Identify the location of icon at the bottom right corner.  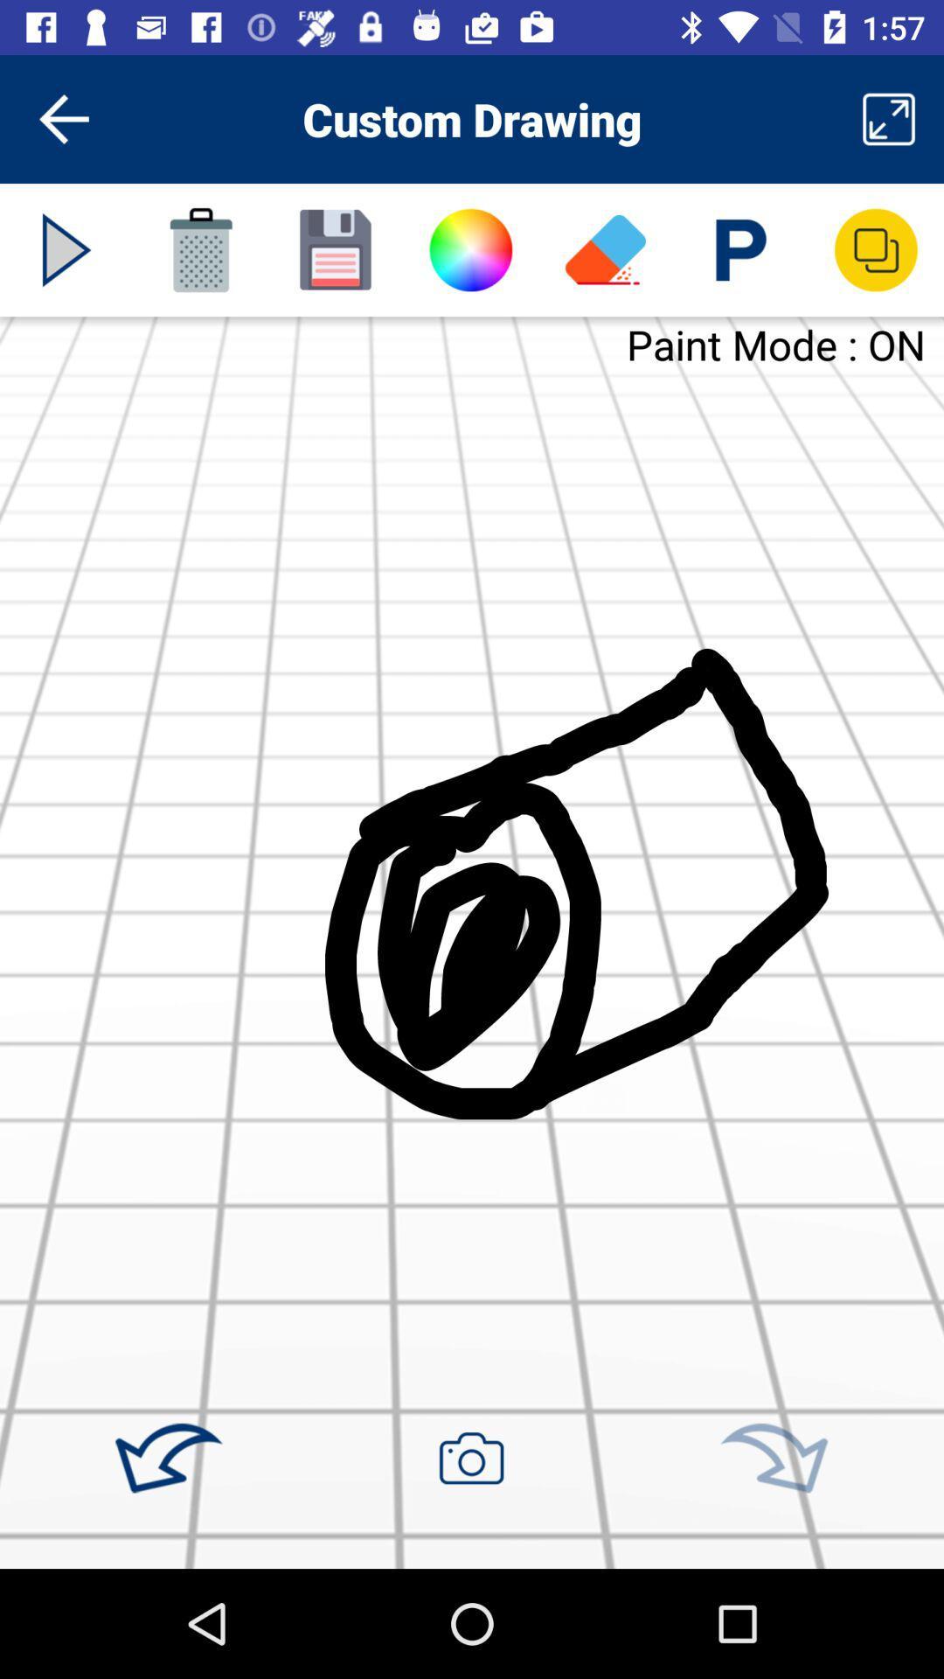
(773, 1459).